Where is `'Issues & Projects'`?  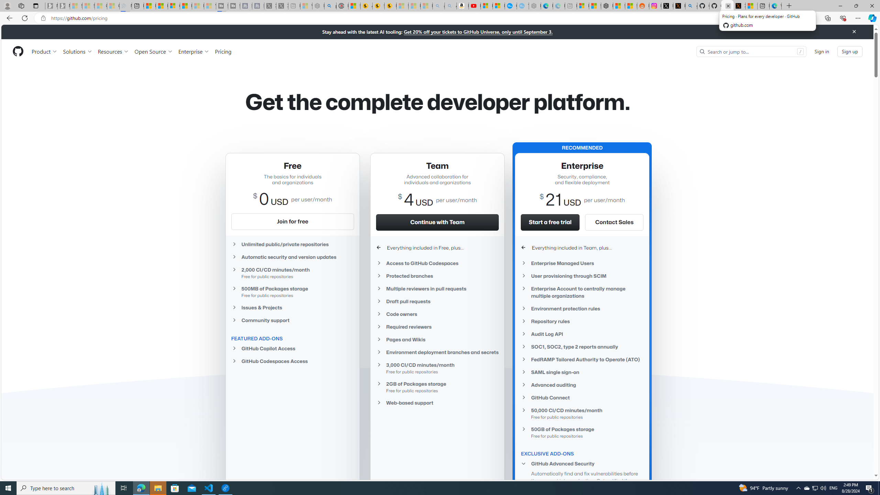 'Issues & Projects' is located at coordinates (291, 307).